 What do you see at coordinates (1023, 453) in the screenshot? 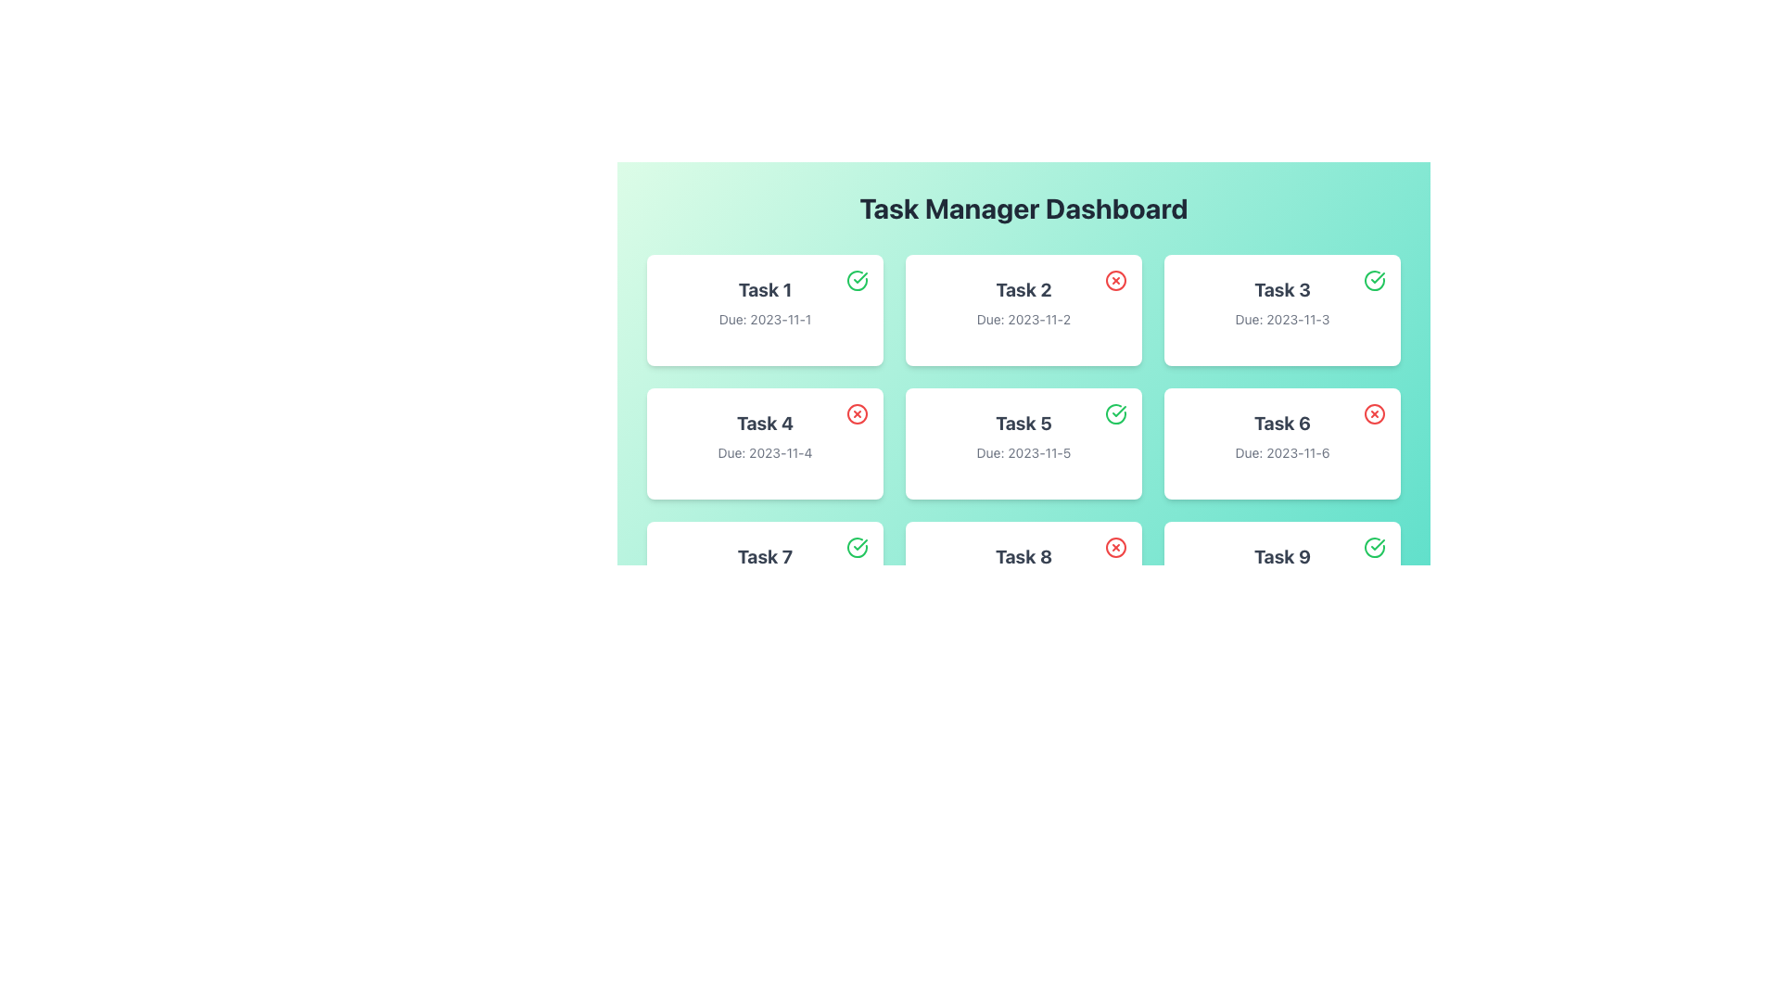
I see `the static text label displaying 'Due: 2023-11-5' located within the card under the title 'Task 5'` at bounding box center [1023, 453].